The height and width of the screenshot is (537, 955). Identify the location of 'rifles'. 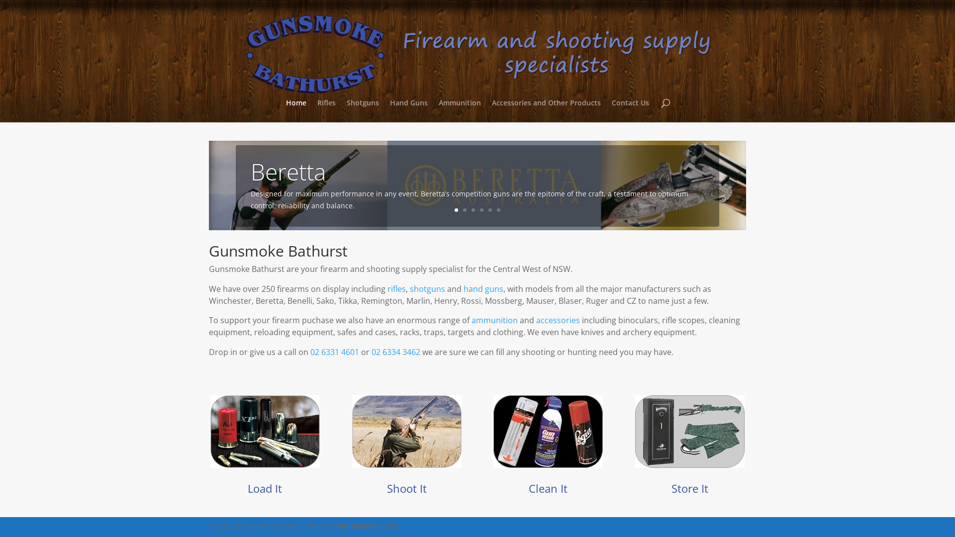
(386, 289).